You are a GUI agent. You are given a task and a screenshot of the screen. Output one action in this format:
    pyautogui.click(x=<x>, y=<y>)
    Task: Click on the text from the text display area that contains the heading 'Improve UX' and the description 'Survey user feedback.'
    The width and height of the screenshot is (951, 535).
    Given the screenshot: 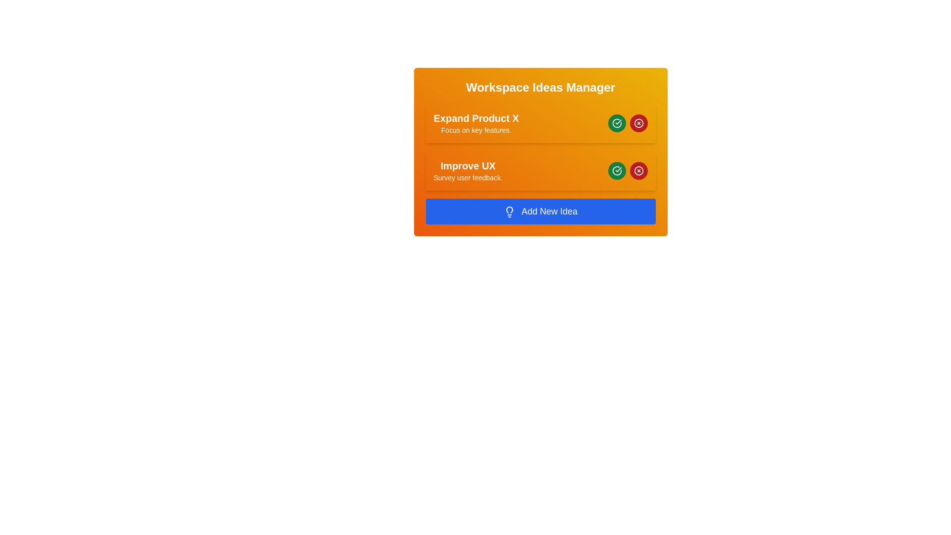 What is the action you would take?
    pyautogui.click(x=468, y=170)
    